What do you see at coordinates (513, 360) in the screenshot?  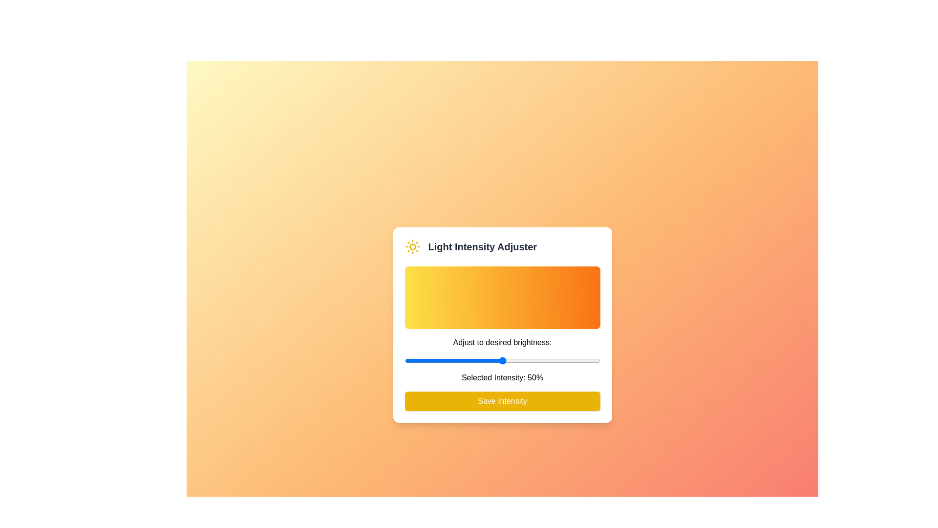 I see `the light intensity to 56% by dragging the slider` at bounding box center [513, 360].